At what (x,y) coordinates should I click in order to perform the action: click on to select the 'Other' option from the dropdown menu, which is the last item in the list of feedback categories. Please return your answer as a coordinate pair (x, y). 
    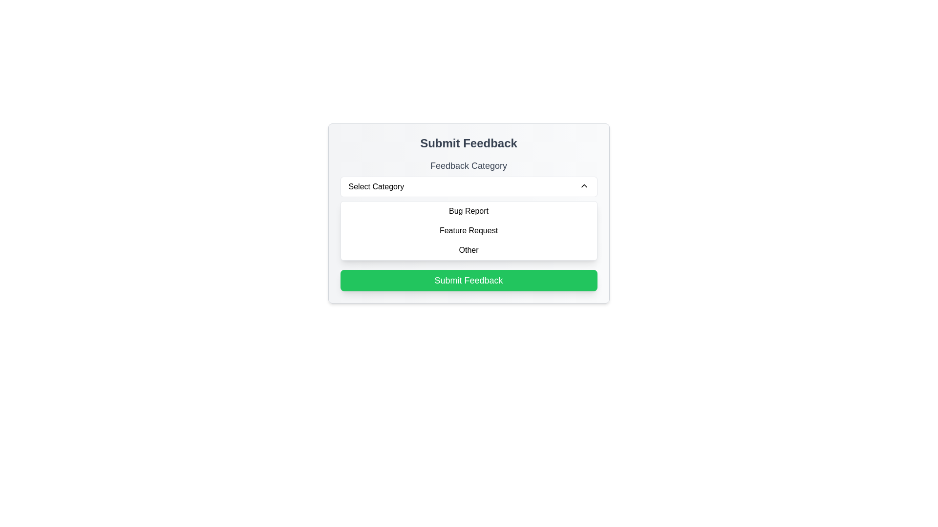
    Looking at the image, I should click on (468, 250).